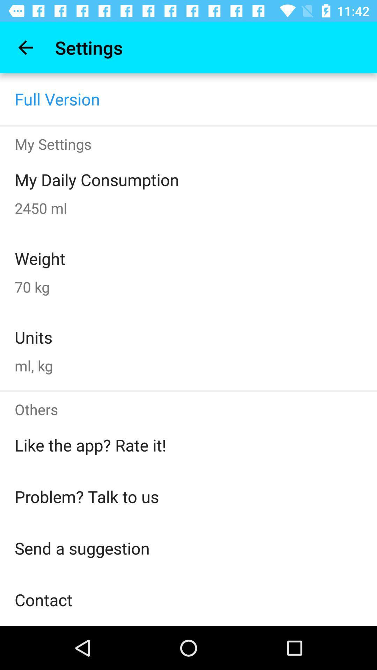  Describe the element at coordinates (25, 47) in the screenshot. I see `item next to settings icon` at that location.